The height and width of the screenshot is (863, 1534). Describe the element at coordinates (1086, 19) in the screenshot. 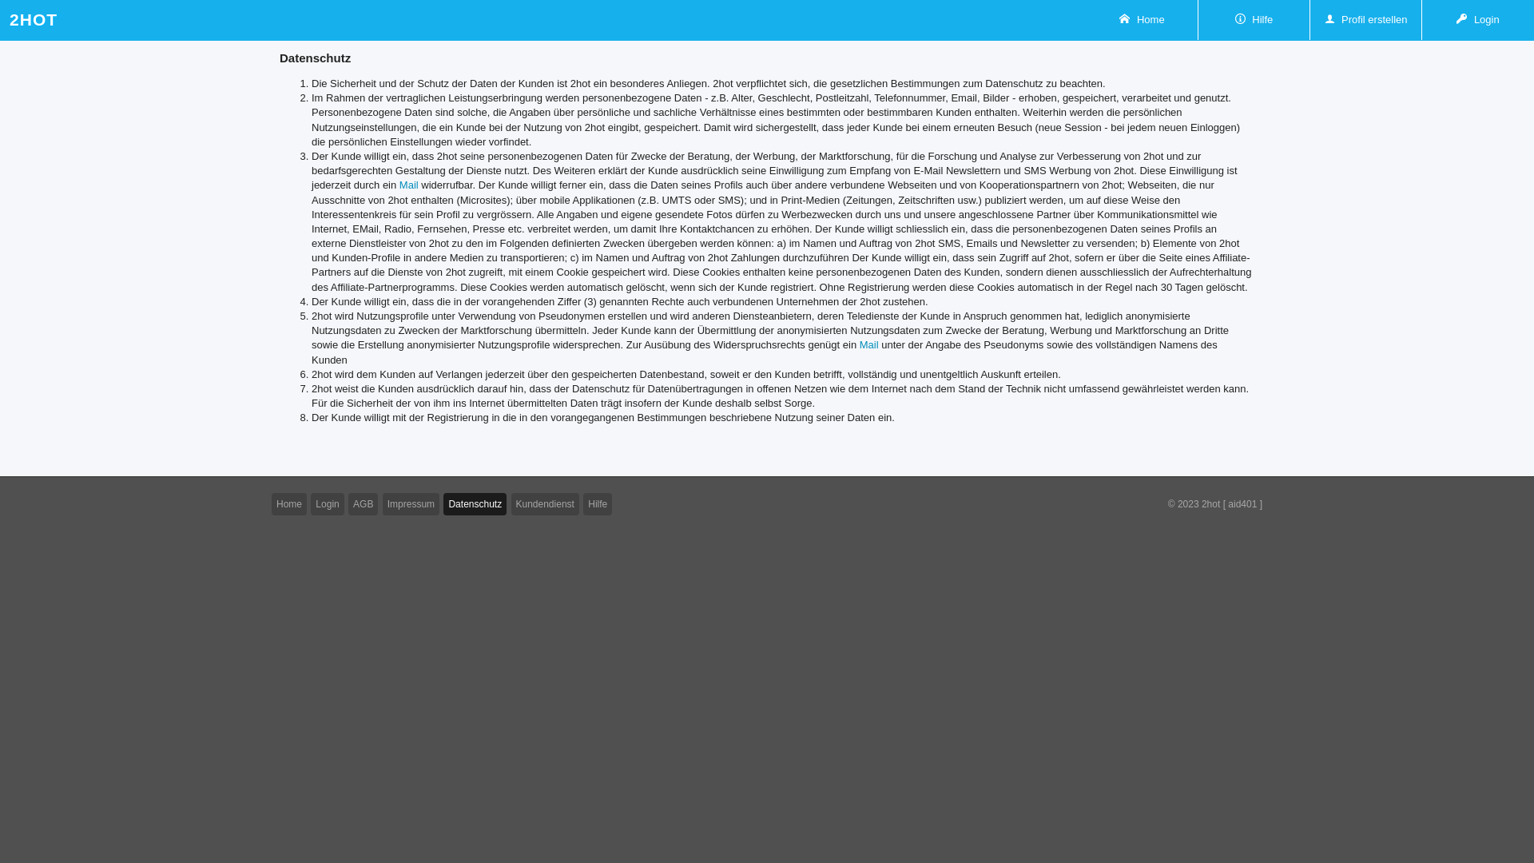

I see `'Home'` at that location.